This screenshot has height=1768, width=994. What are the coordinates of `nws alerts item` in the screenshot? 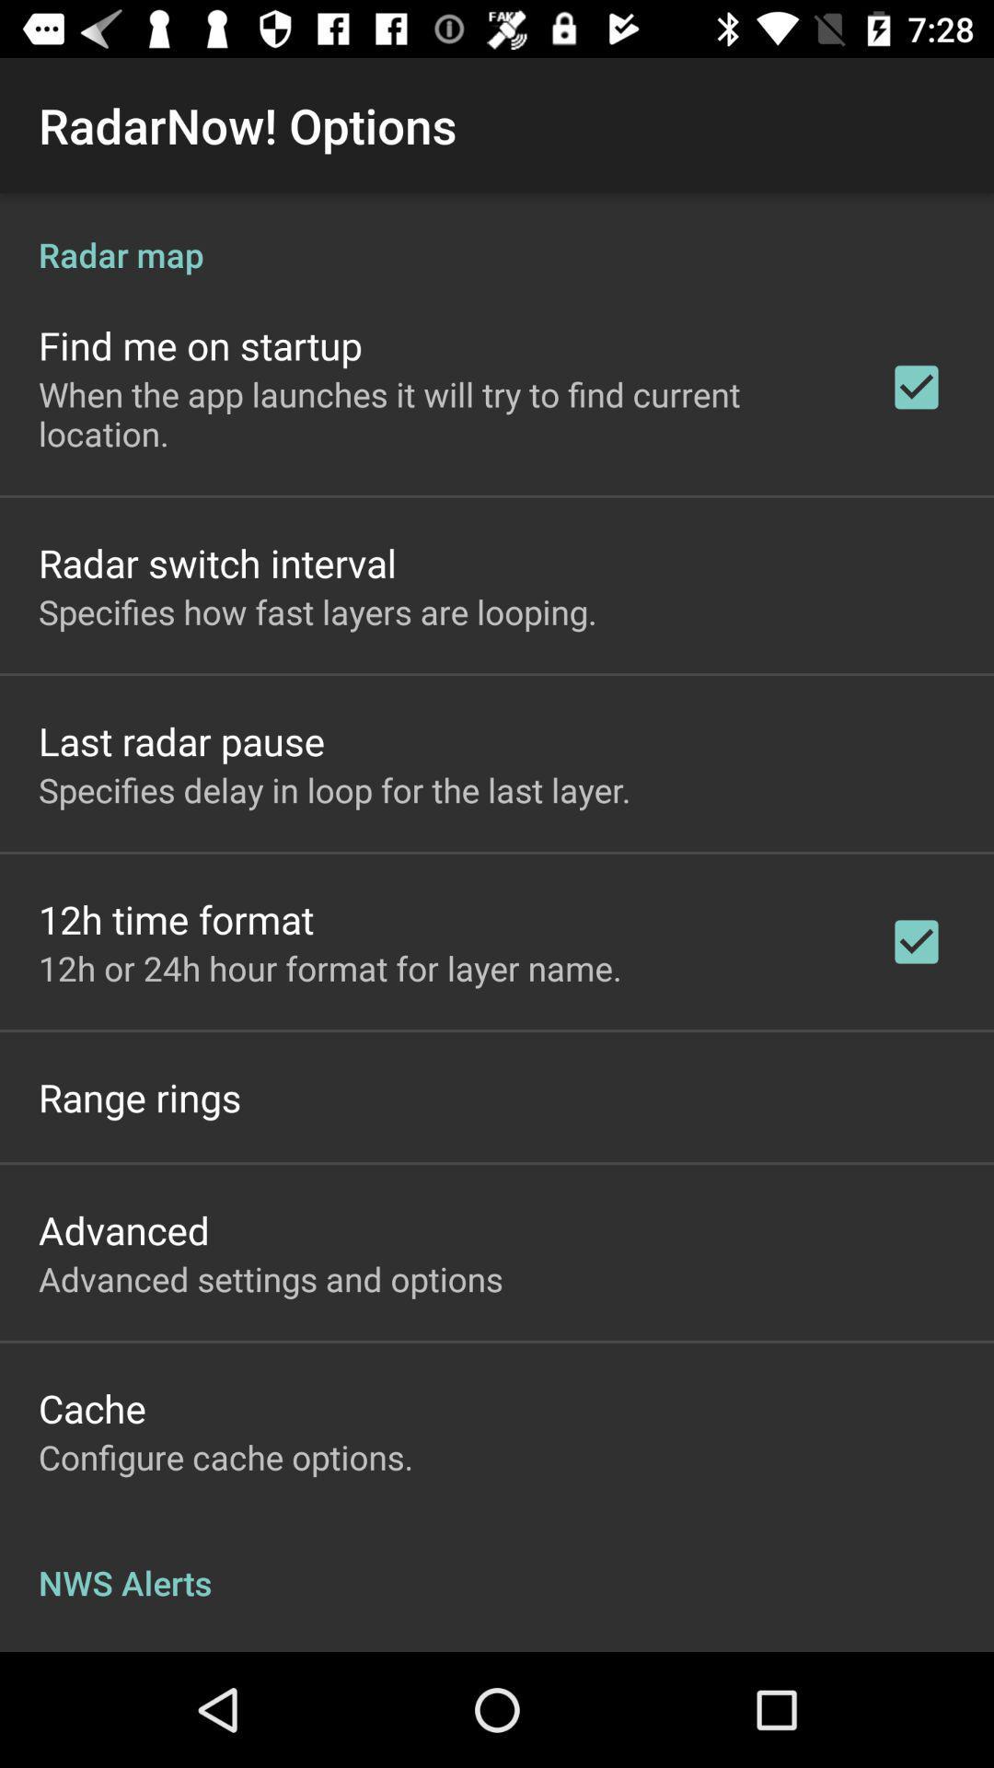 It's located at (497, 1563).